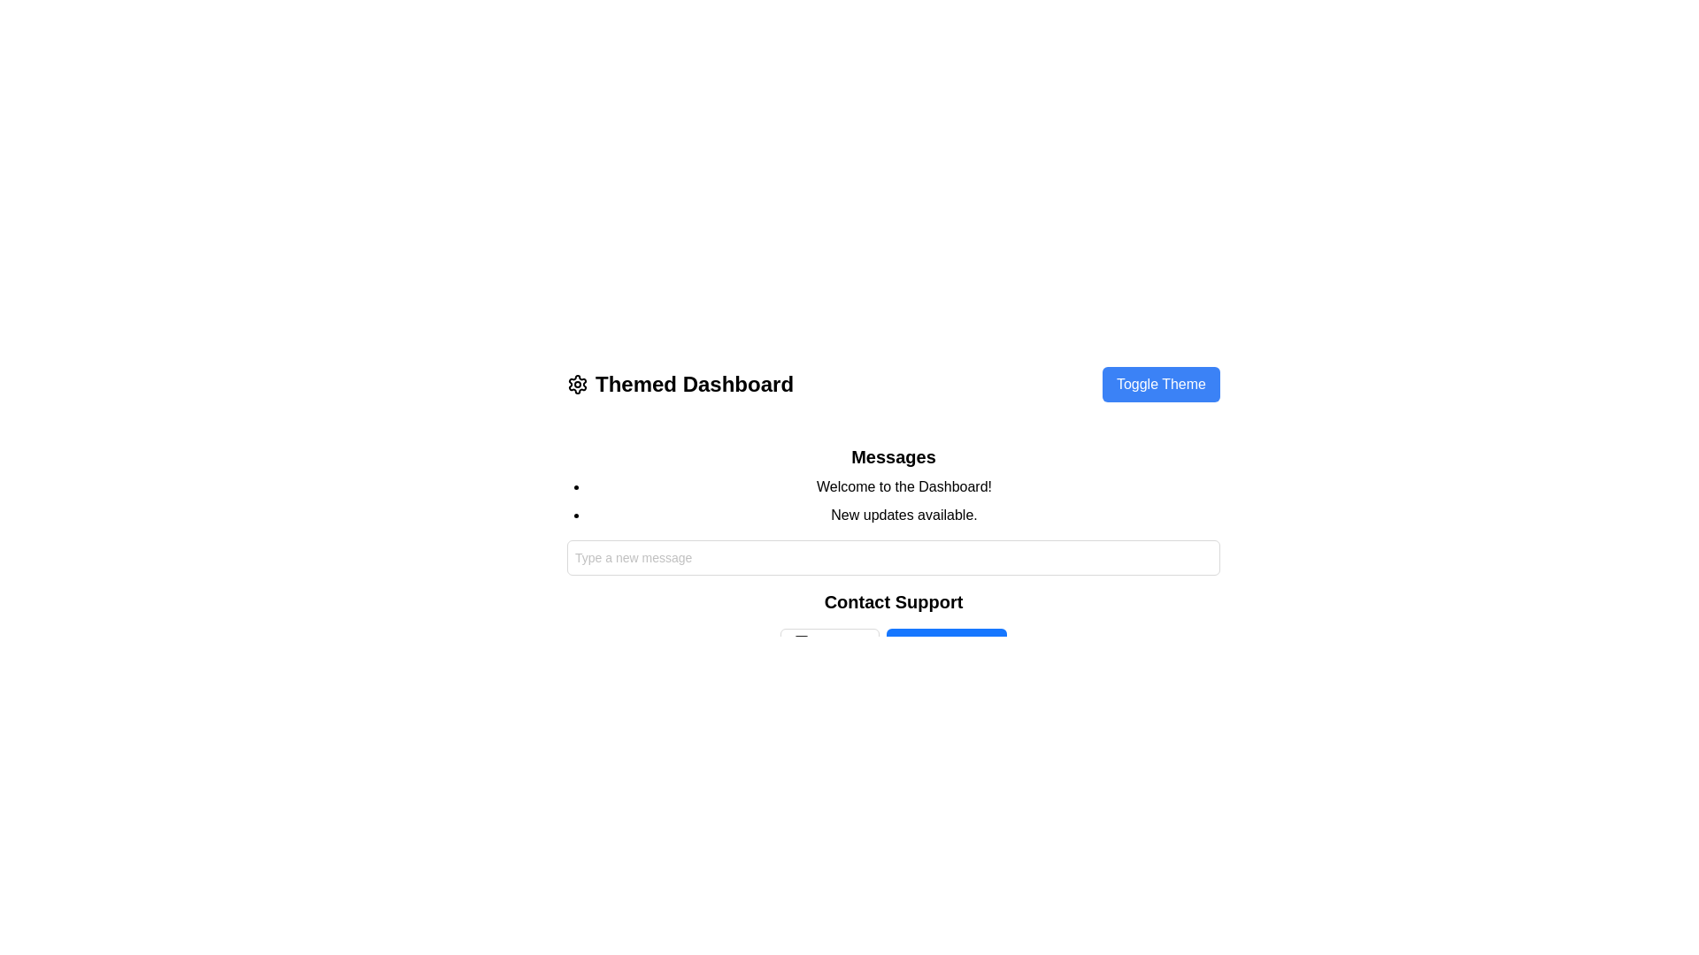 This screenshot has width=1699, height=955. What do you see at coordinates (946, 642) in the screenshot?
I see `the clickable Help Center button located below the 'Contact Support' section for accessibility navigation` at bounding box center [946, 642].